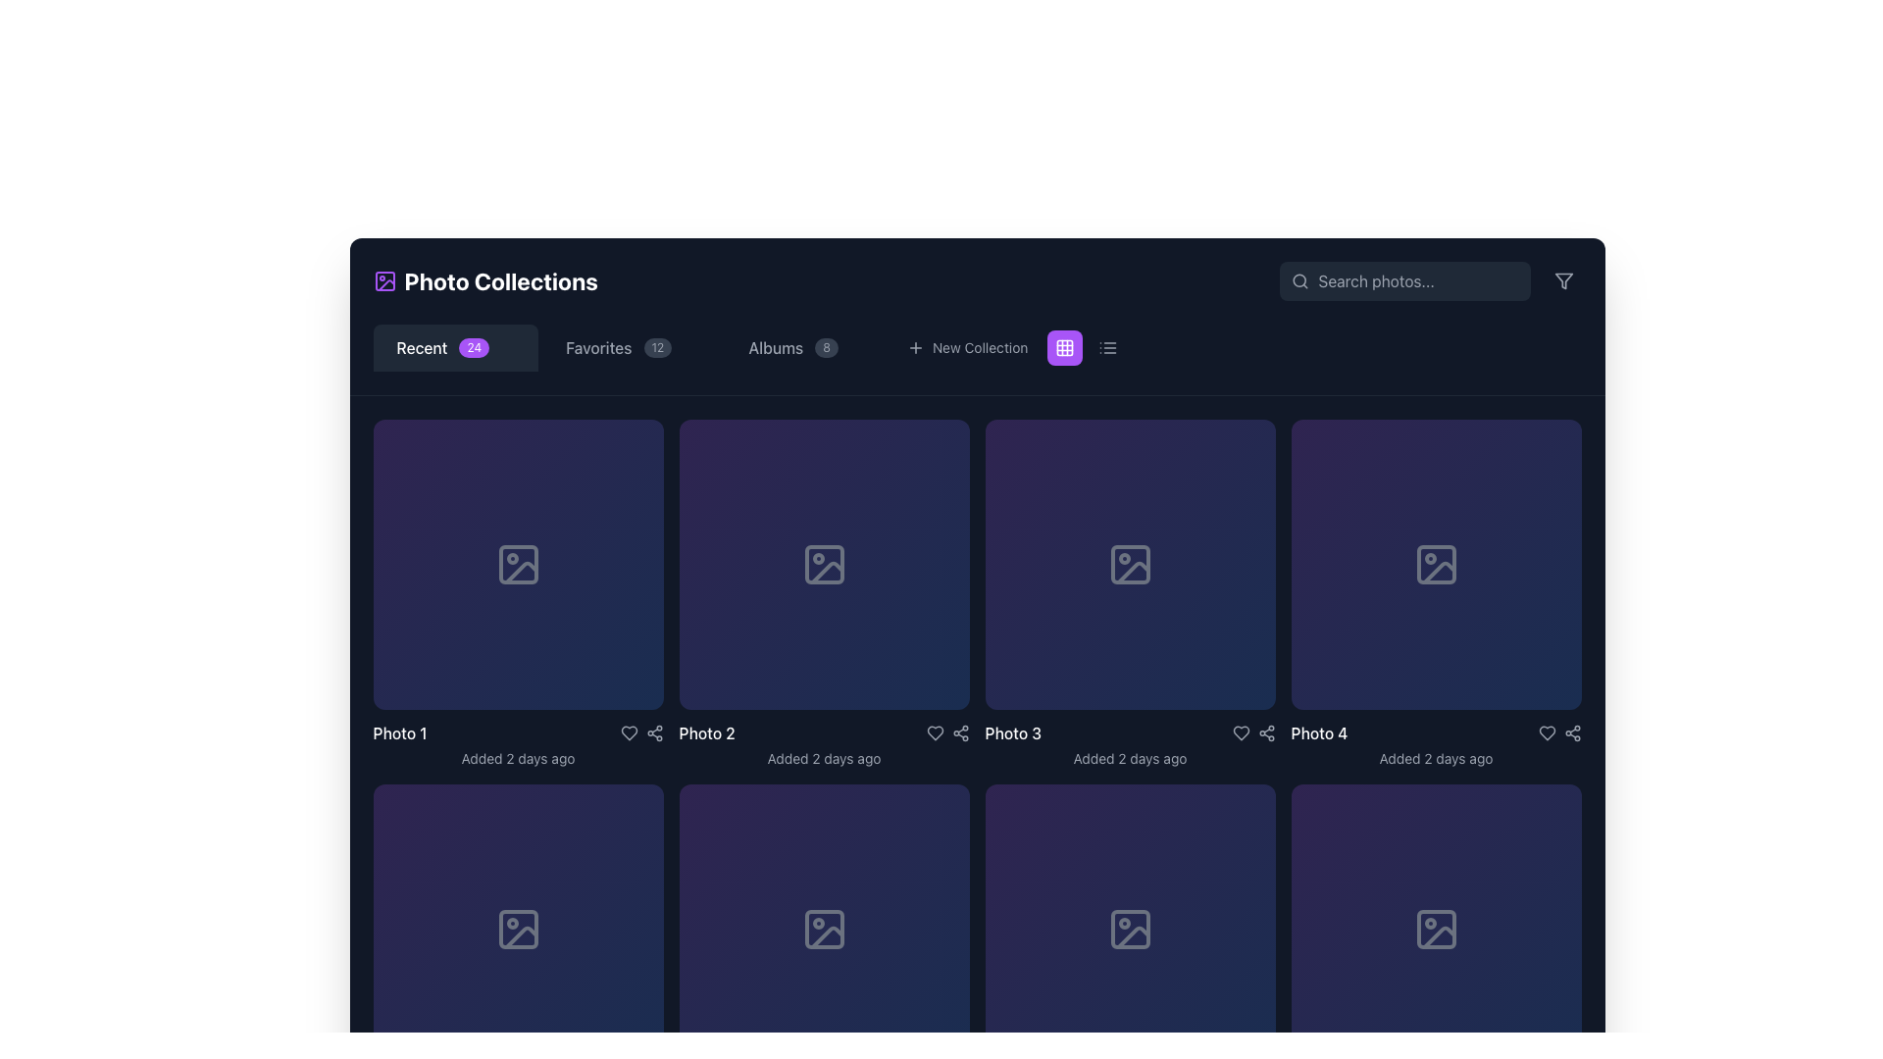 Image resolution: width=1883 pixels, height=1059 pixels. What do you see at coordinates (1240, 733) in the screenshot?
I see `the interactive heart icon located in the bottom row of UI controls for 'Photo 4' to observe the color change` at bounding box center [1240, 733].